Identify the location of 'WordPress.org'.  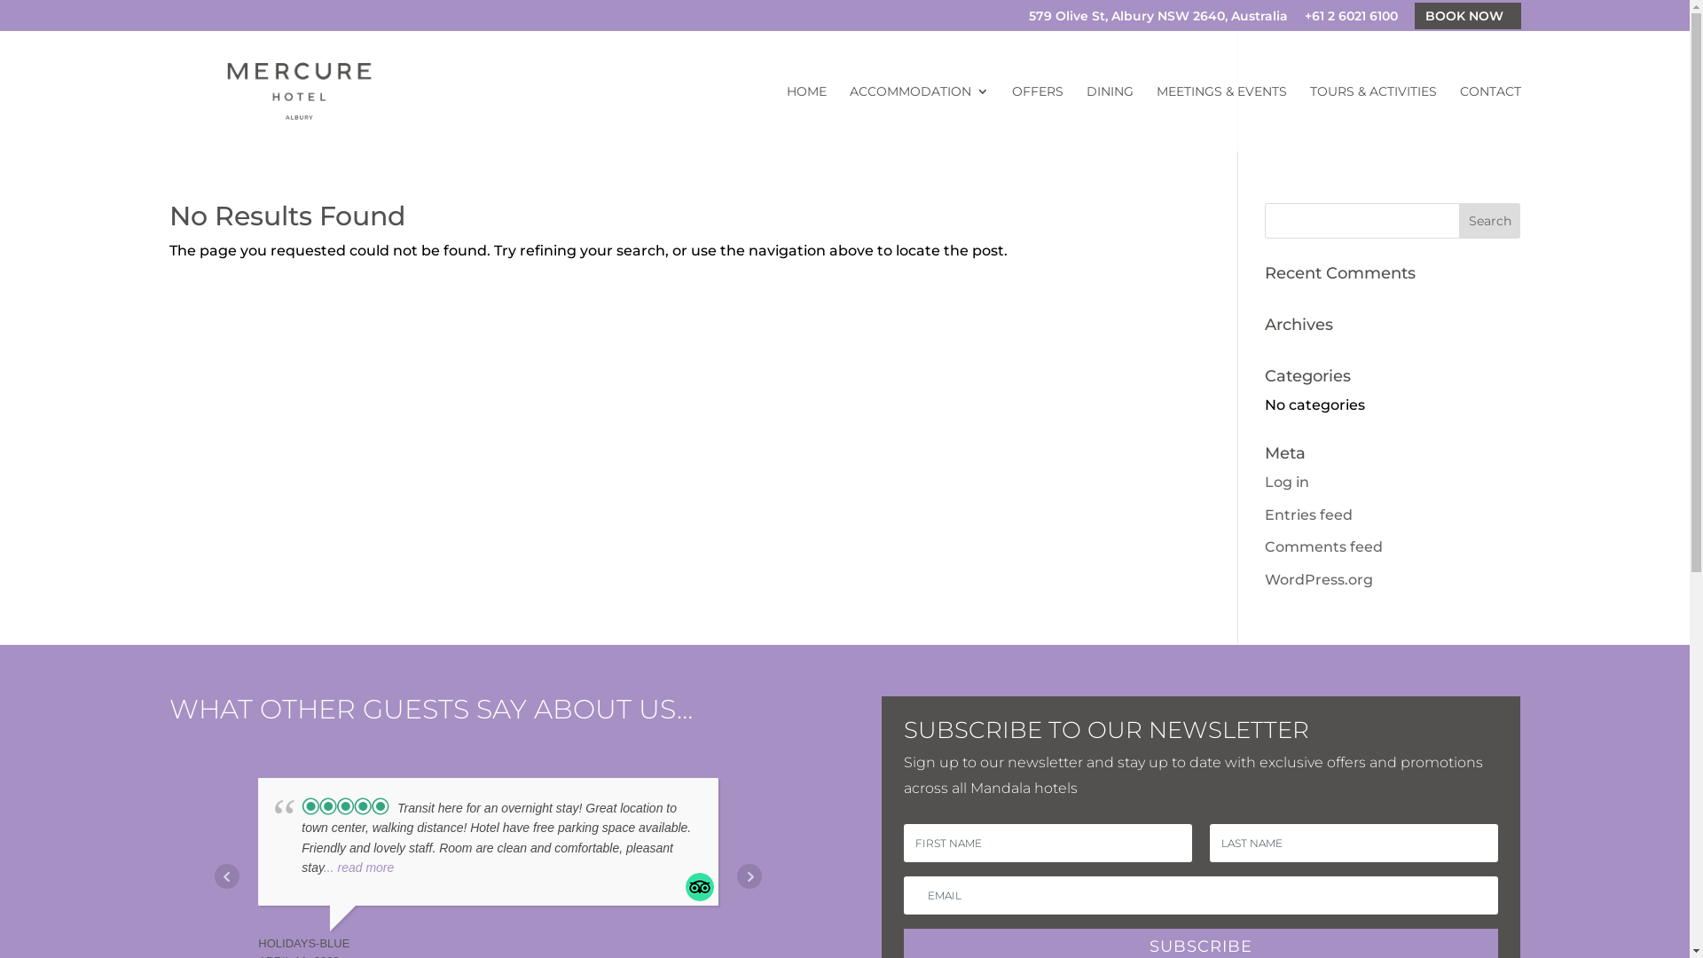
(1319, 579).